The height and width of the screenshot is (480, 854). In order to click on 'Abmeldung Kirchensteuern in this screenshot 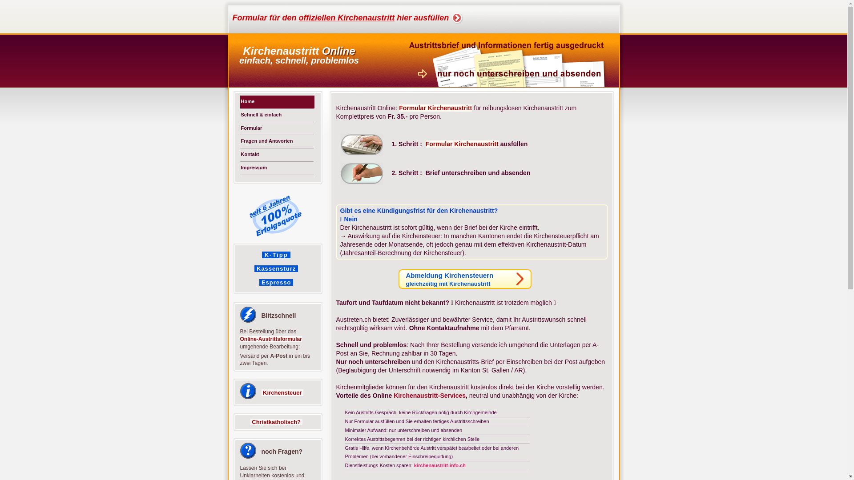, I will do `click(464, 279)`.